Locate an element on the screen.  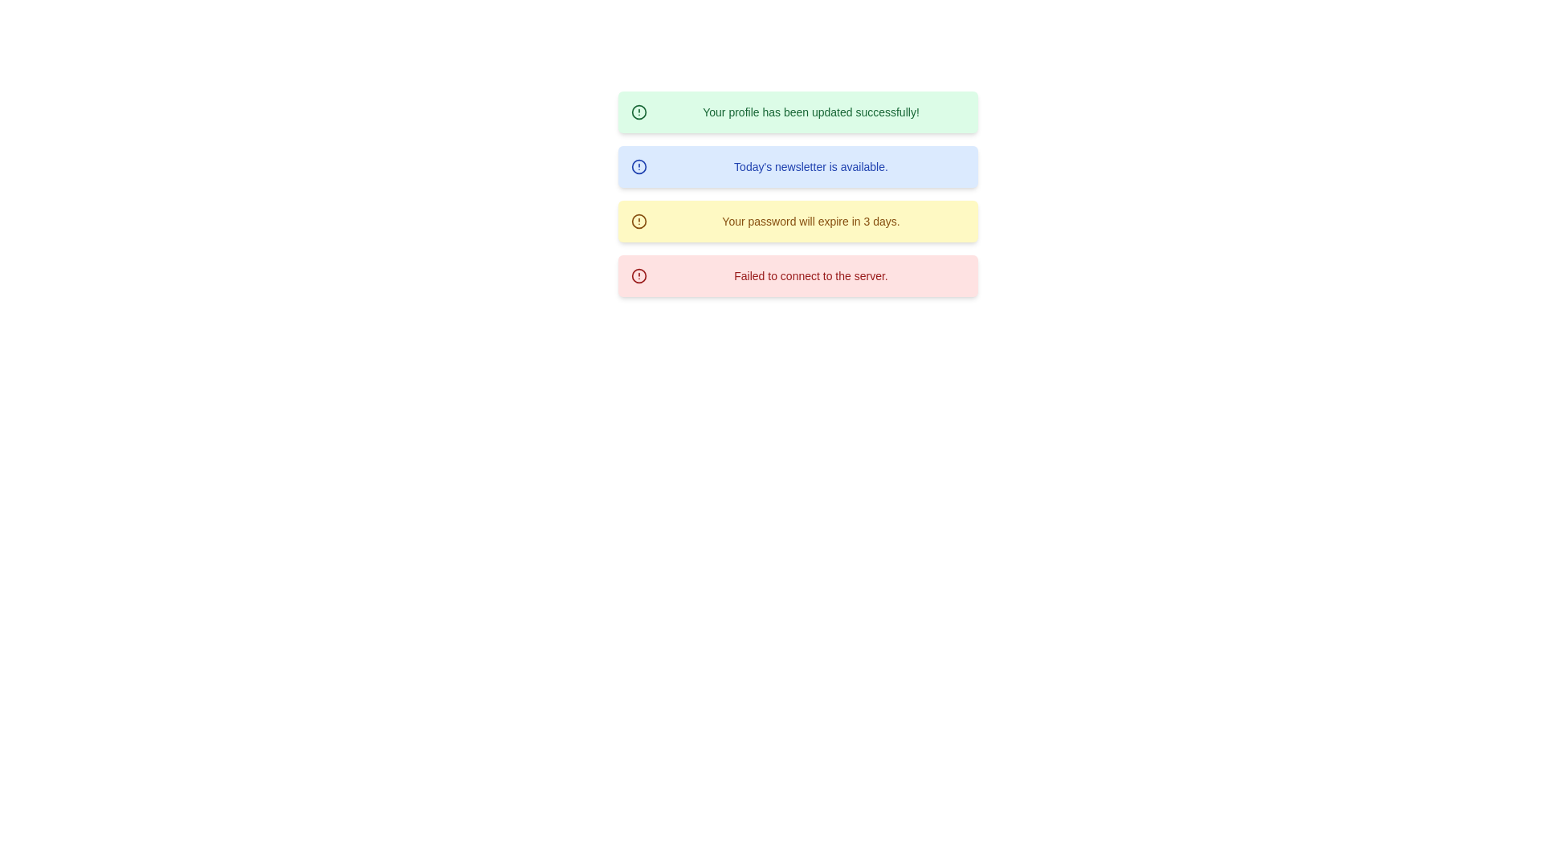
the Notification banner that alerts the user about the password expiration in three days is located at coordinates (798, 222).